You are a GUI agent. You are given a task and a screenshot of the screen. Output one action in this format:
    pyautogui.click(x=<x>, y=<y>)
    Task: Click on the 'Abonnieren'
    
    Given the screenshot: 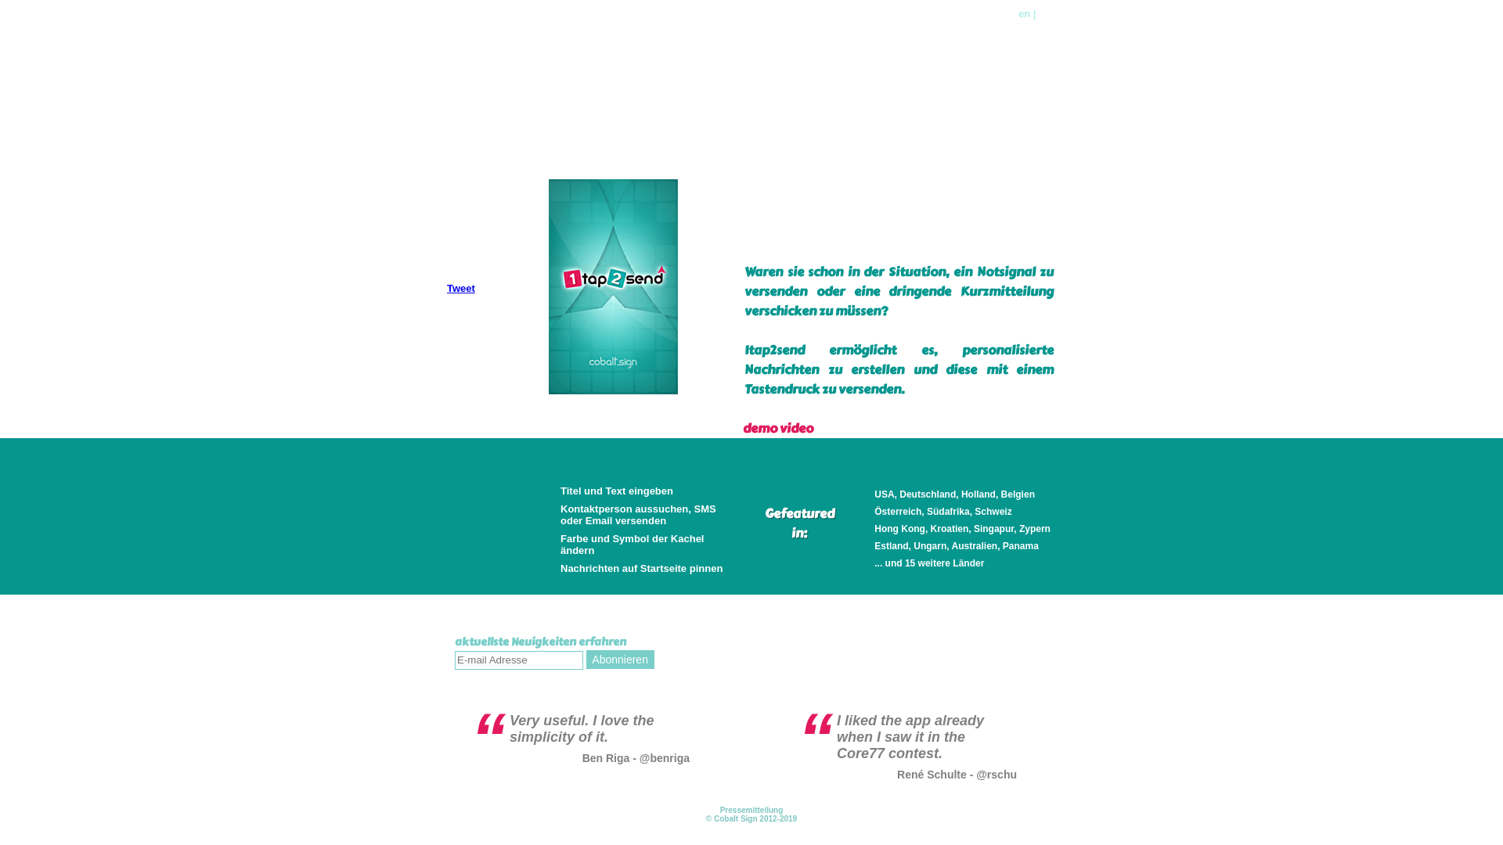 What is the action you would take?
    pyautogui.click(x=619, y=660)
    